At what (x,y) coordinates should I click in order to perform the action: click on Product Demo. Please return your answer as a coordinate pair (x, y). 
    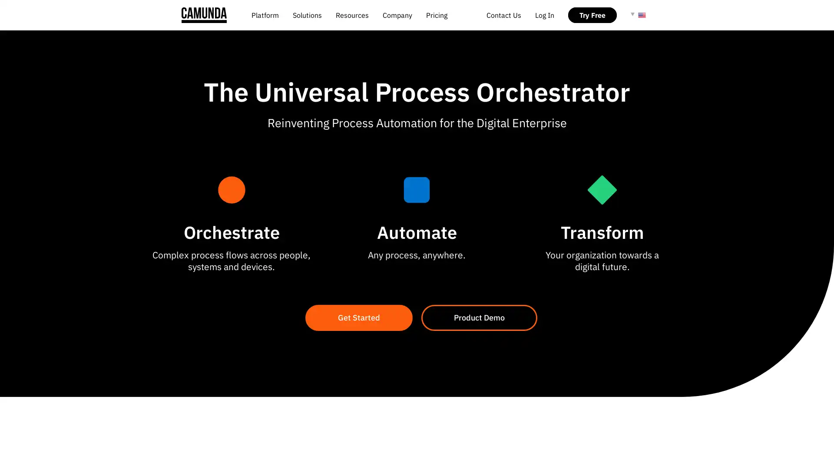
    Looking at the image, I should click on (479, 318).